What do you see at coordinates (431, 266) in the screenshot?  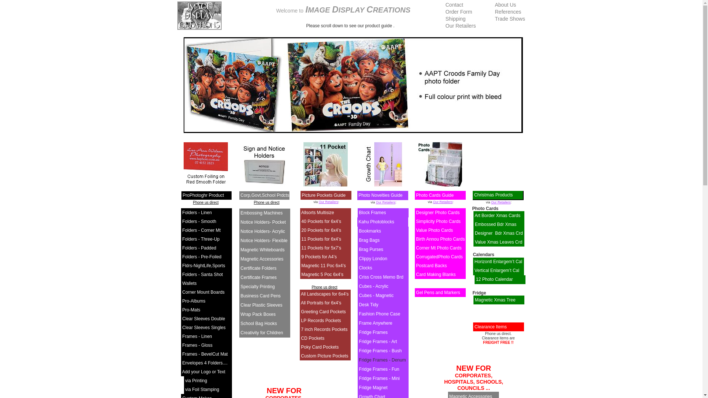 I see `'Postcard Backs'` at bounding box center [431, 266].